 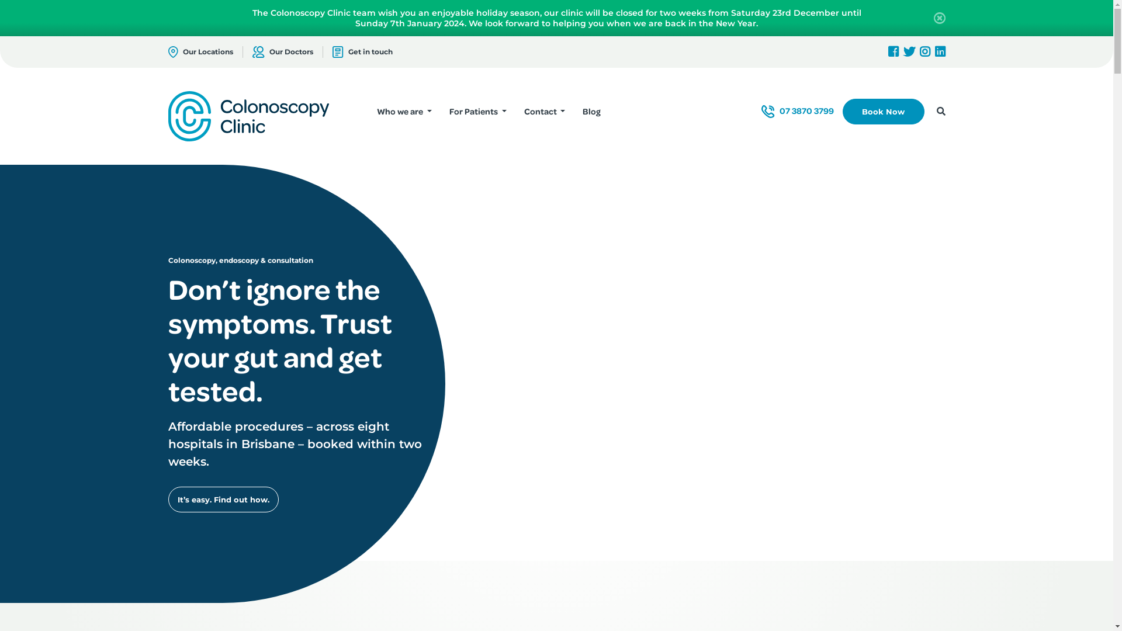 What do you see at coordinates (200, 51) in the screenshot?
I see `'Our Locations'` at bounding box center [200, 51].